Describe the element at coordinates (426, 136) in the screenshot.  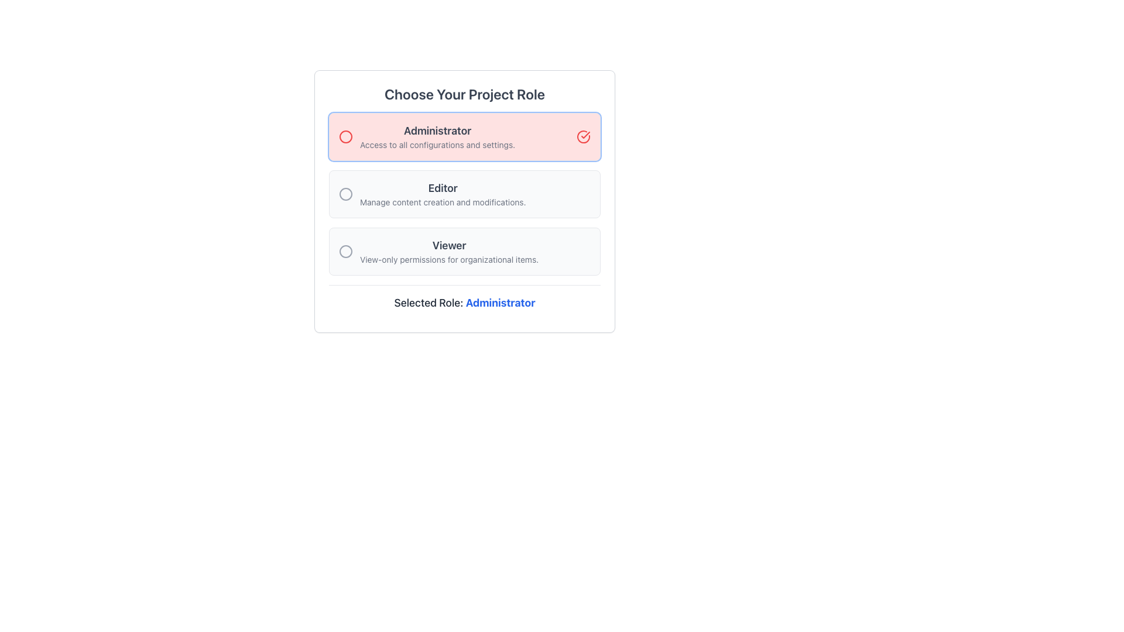
I see `the 'Administrator' selectable role option` at that location.